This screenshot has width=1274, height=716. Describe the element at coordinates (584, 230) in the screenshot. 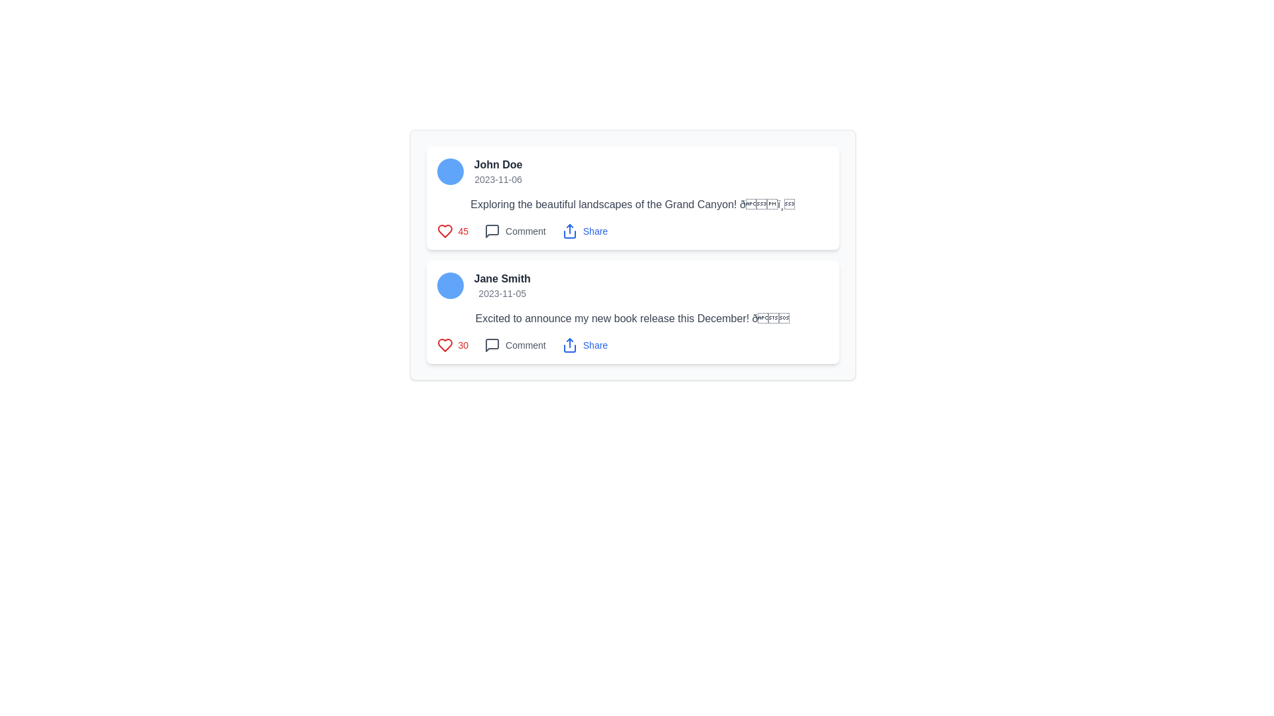

I see `the 'Share' button, which features an upward arrow icon and is styled in blue, located as the rightmost option under the text of a post` at that location.